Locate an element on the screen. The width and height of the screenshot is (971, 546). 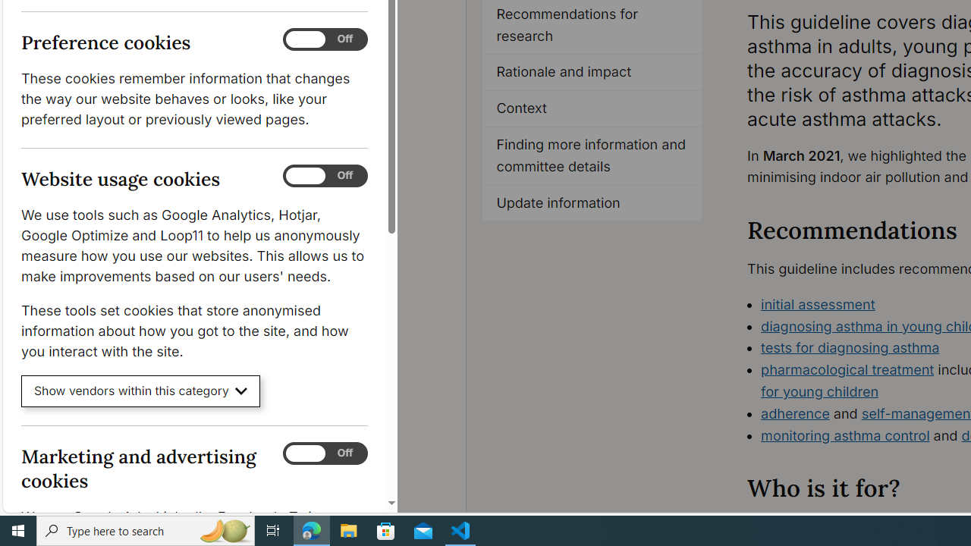
'Update information' is located at coordinates (592, 202).